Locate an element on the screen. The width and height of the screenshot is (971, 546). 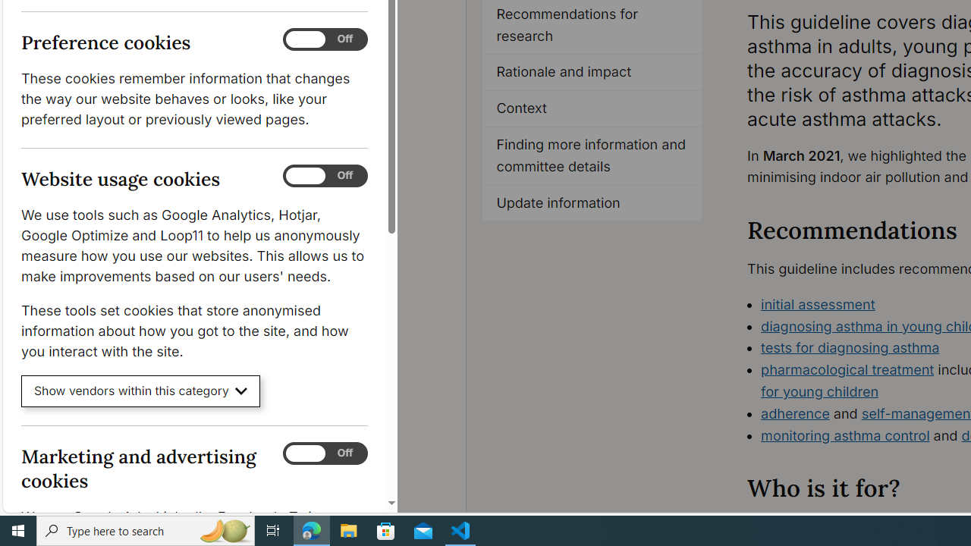
'Update information' is located at coordinates (592, 202).